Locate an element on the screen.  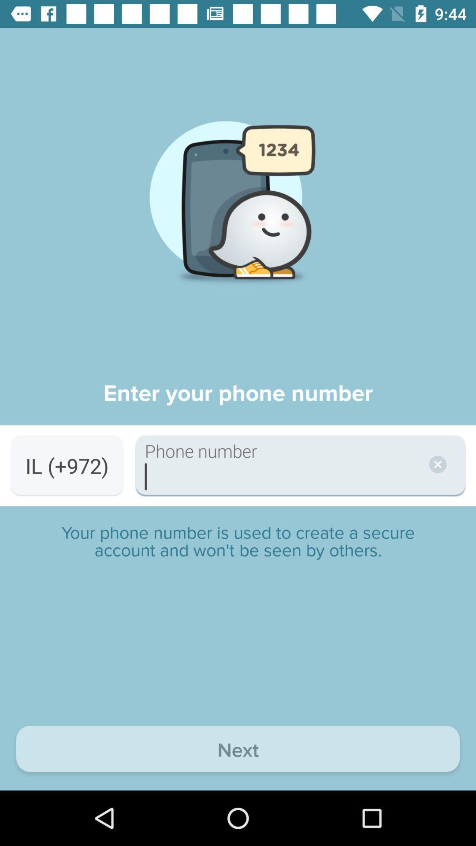
the next is located at coordinates (238, 750).